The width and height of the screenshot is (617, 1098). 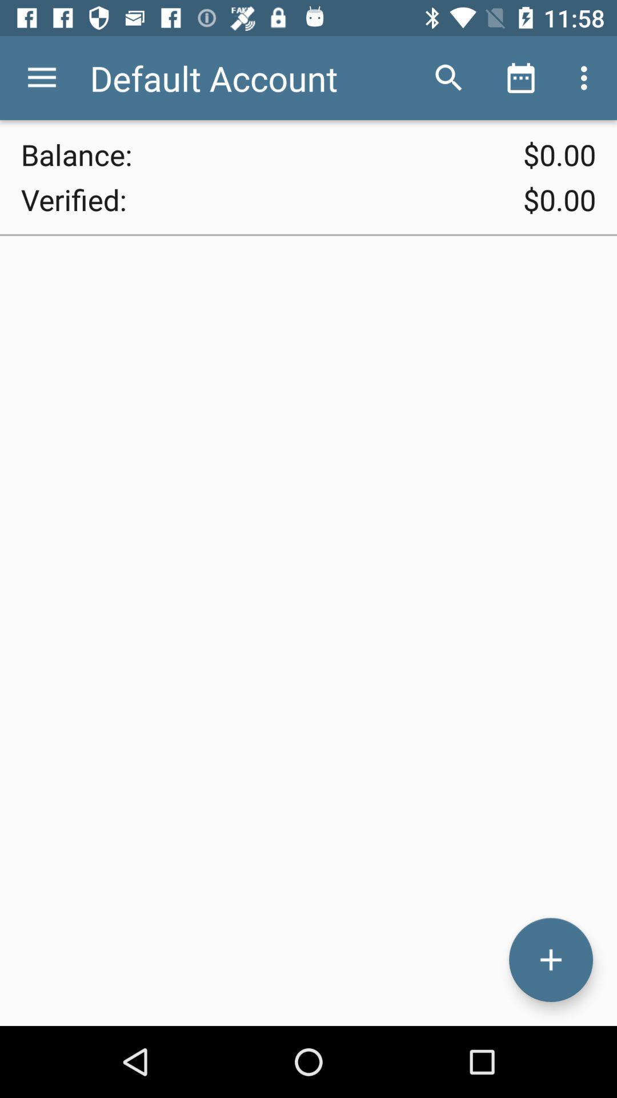 What do you see at coordinates (550, 960) in the screenshot?
I see `a new account` at bounding box center [550, 960].